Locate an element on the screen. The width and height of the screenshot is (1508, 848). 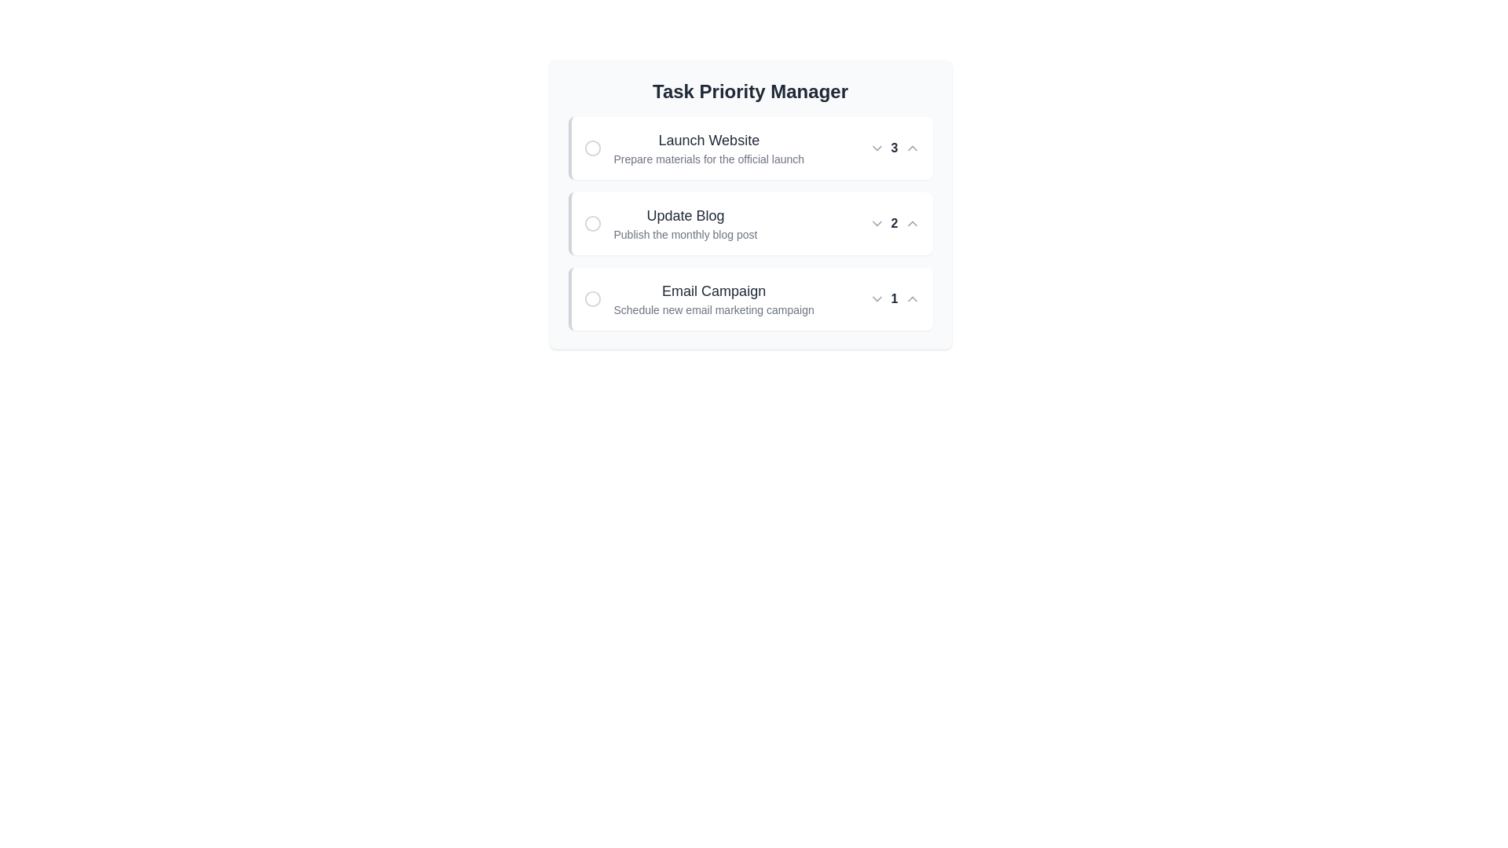
the textual block containing the title 'Email Campaign' and subtitle 'Schedule new email marketing campaign', which is the third item in the list of entries is located at coordinates (698, 299).